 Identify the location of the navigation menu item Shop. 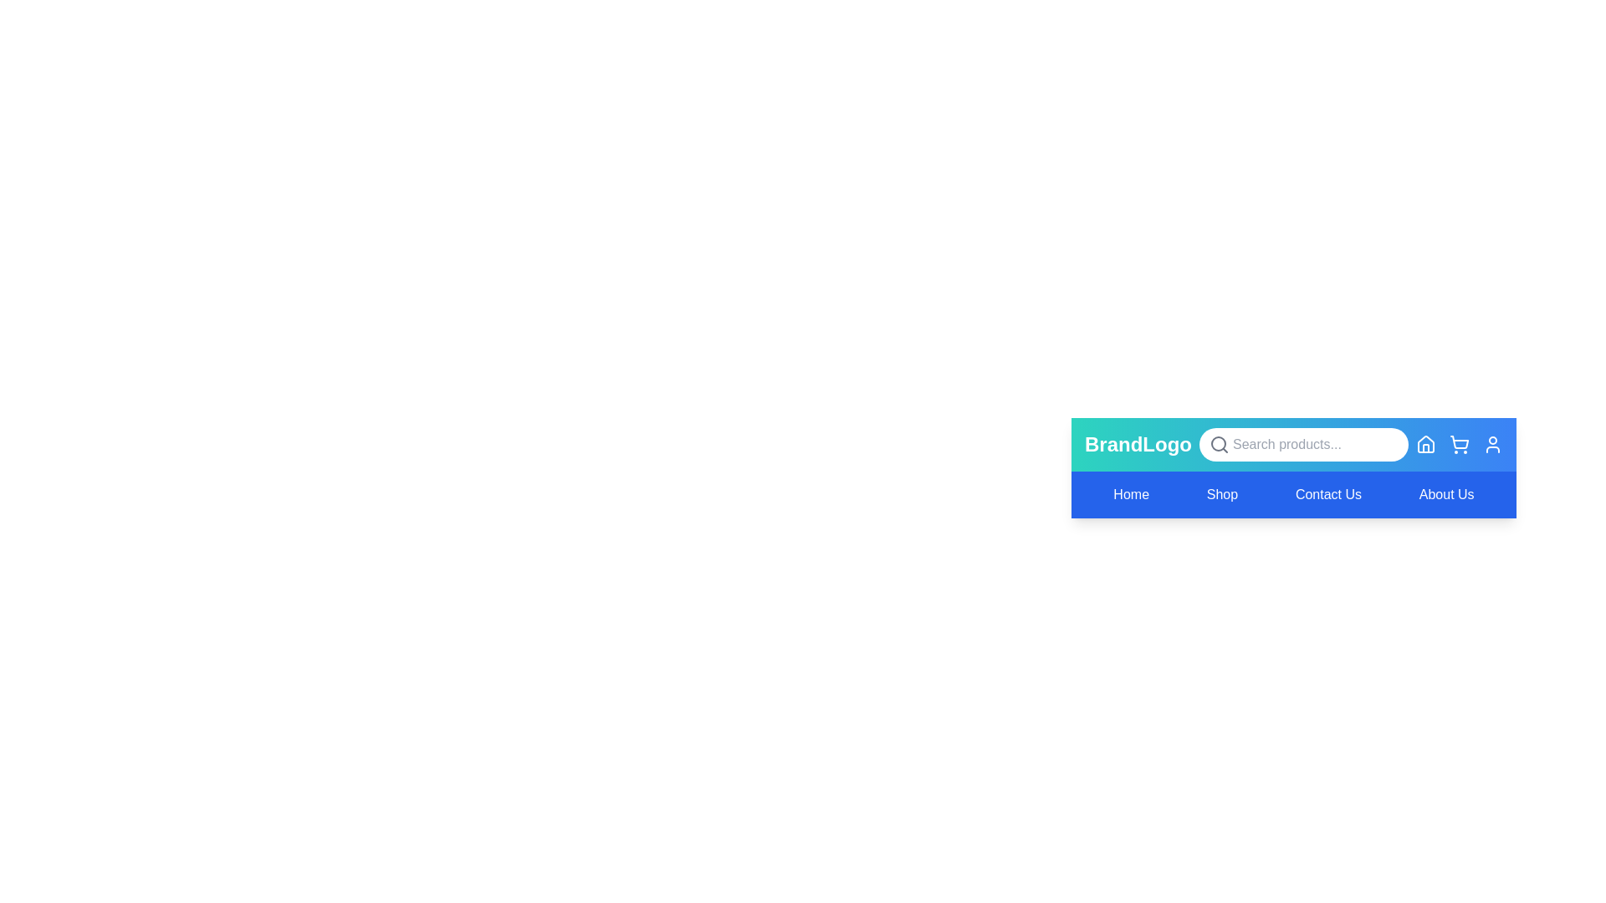
(1222, 493).